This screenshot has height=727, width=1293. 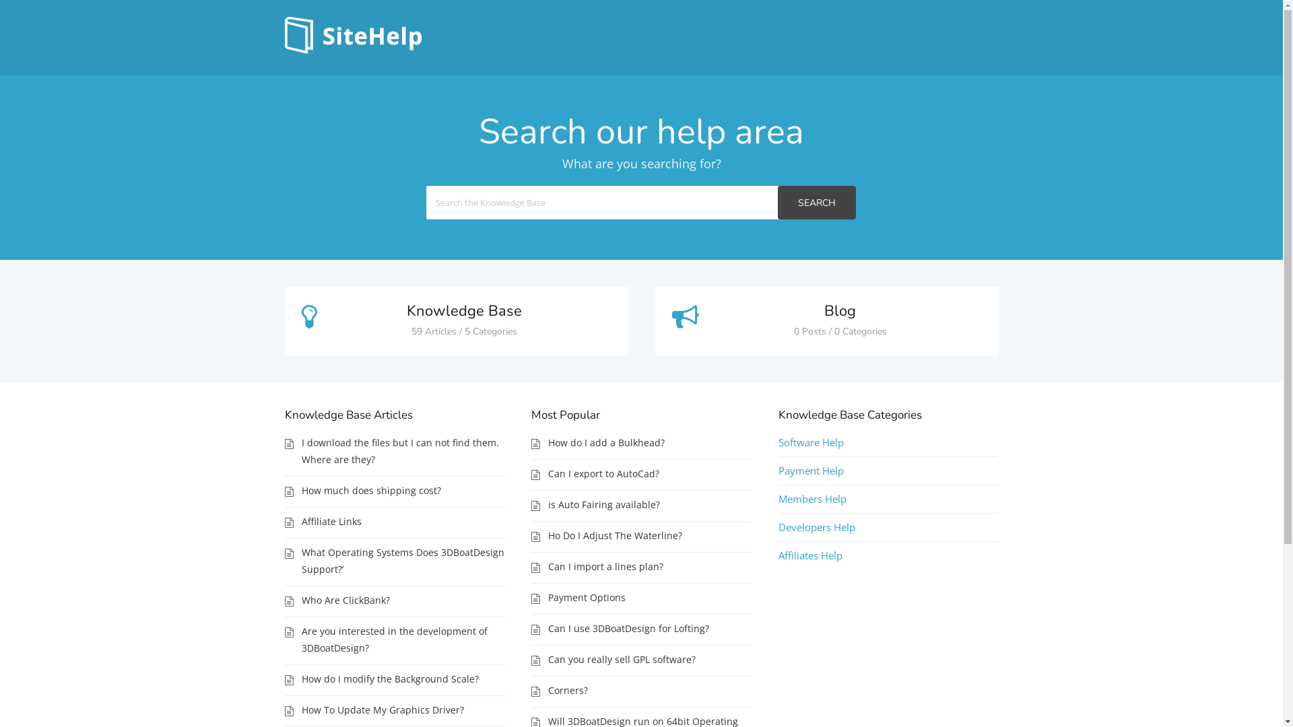 What do you see at coordinates (403, 638) in the screenshot?
I see `'Are you interested in the development of 3DBoatDesign?'` at bounding box center [403, 638].